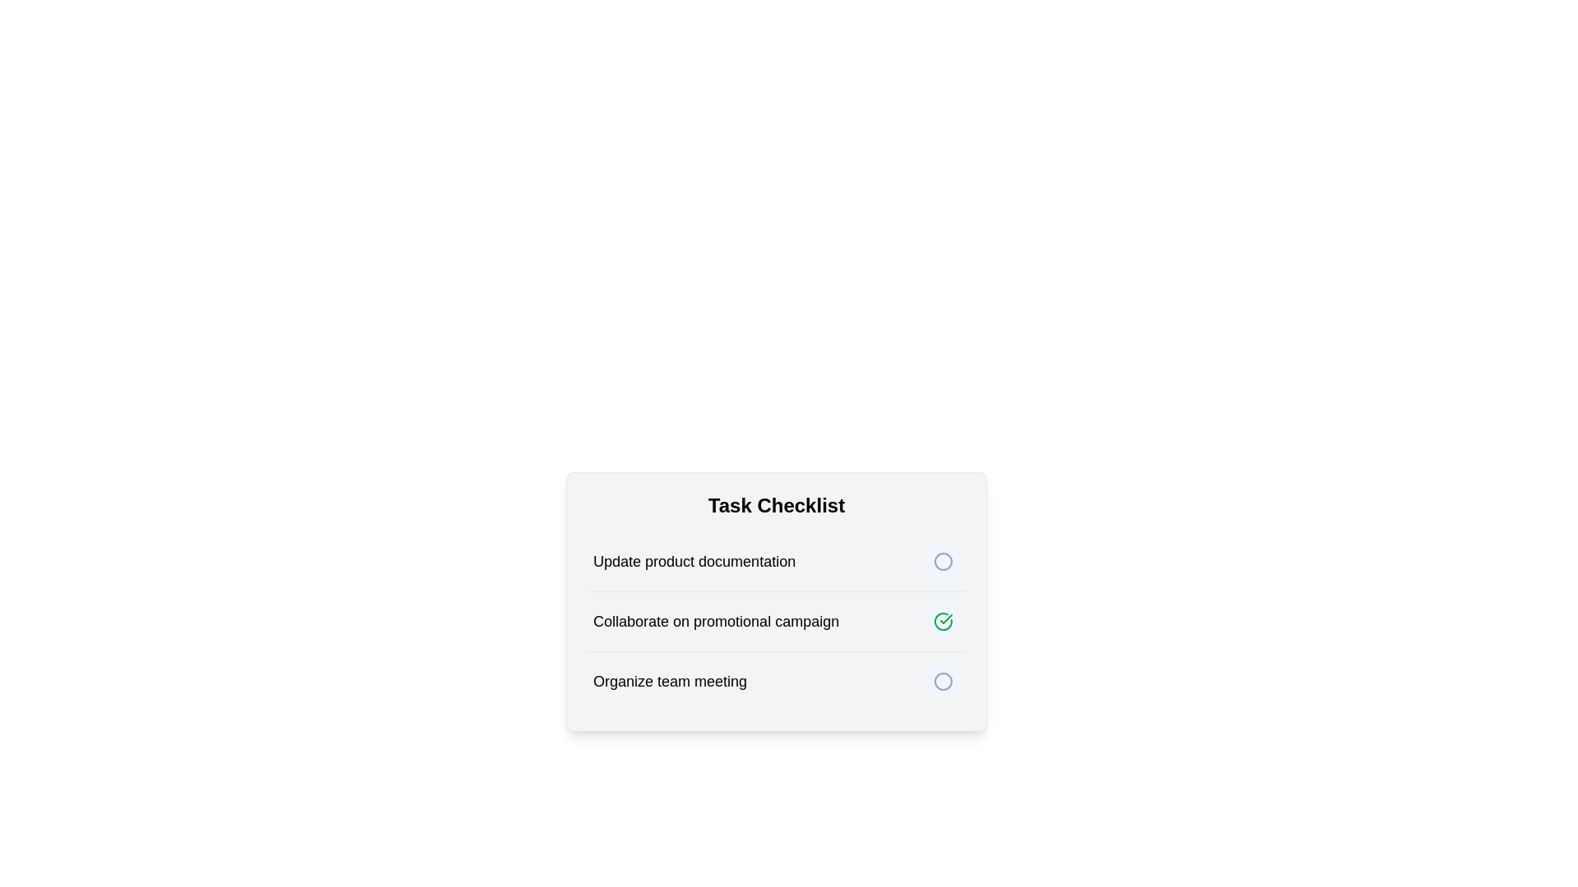  What do you see at coordinates (943, 681) in the screenshot?
I see `the circular SVG element located at the bottom right corner of the checklist card, adjacent to the text 'Organize team meeting', to interact with it` at bounding box center [943, 681].